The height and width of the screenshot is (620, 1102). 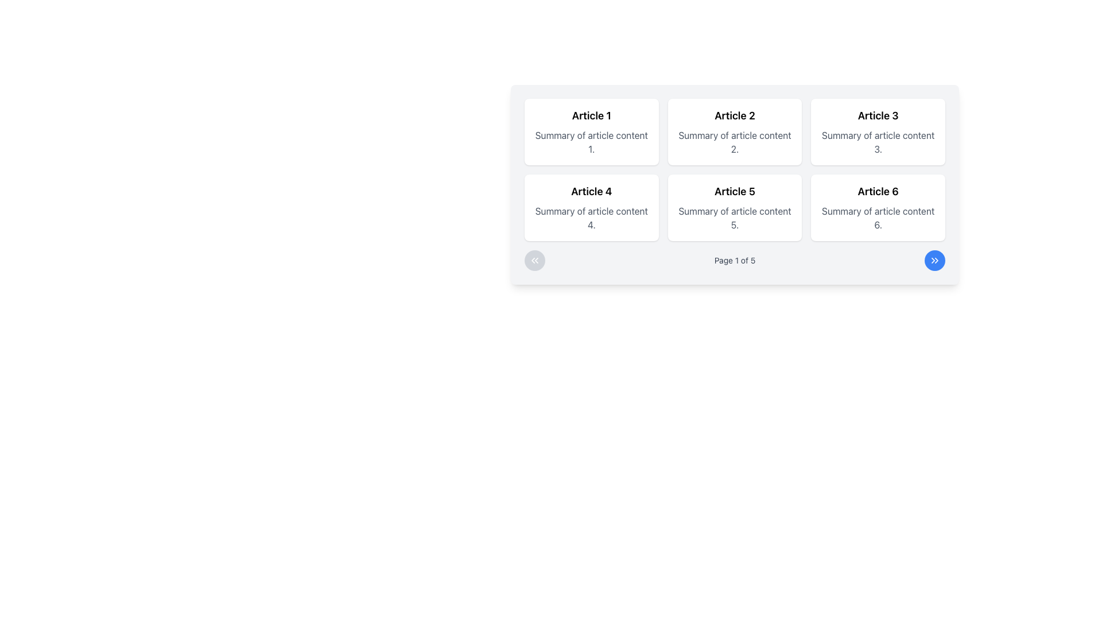 I want to click on the circular button located at the bottom-left corner of the interface, so click(x=534, y=261).